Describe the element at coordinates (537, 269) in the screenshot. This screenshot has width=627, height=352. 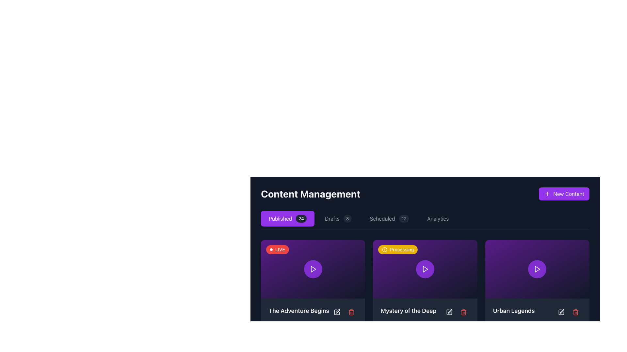
I see `the triangular 'Play' icon outlined within a circle, located in the 'Urban Legends' section at the rightmost card in the content grid` at that location.